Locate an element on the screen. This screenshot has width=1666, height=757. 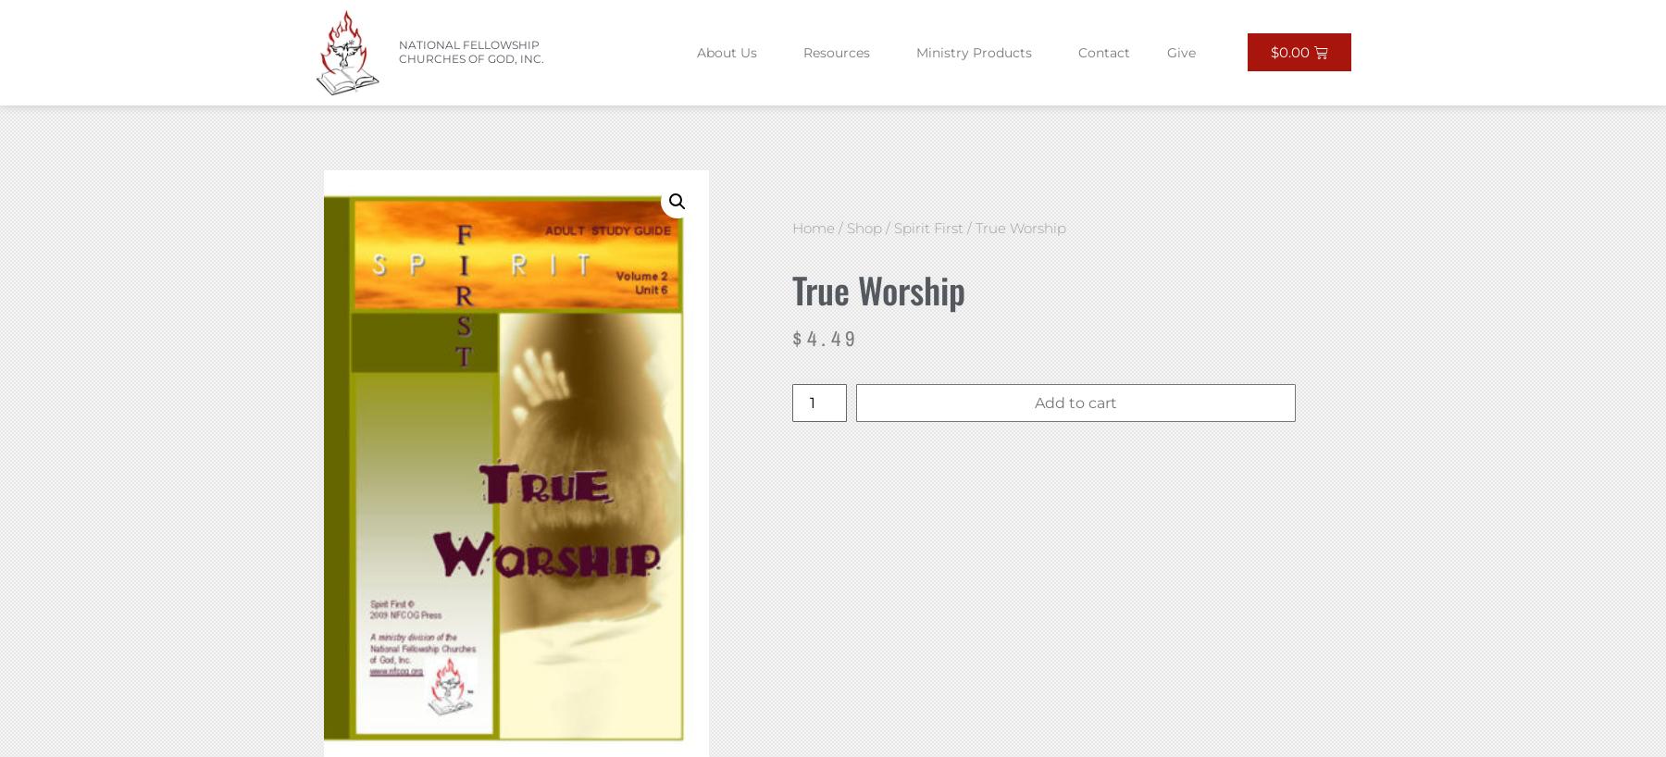
'Home' is located at coordinates (792, 227).